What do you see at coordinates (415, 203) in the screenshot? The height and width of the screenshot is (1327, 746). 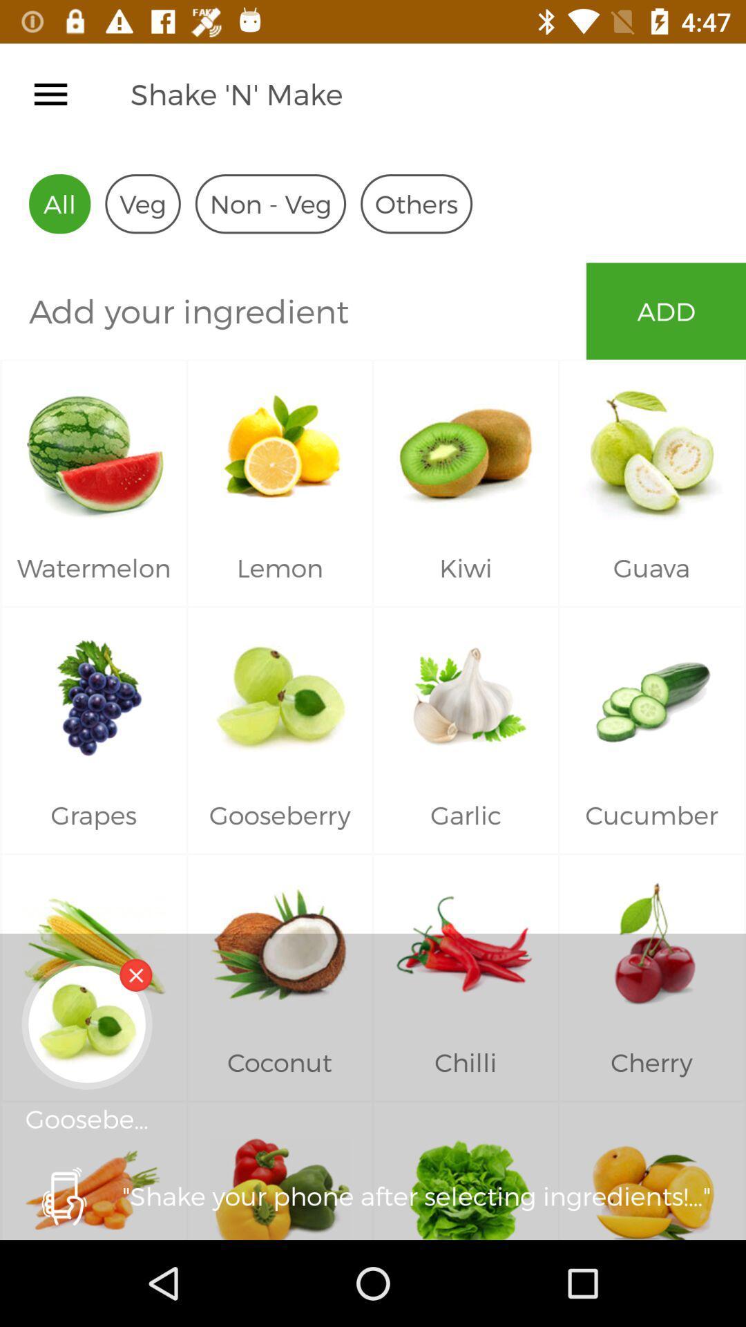 I see `others icon` at bounding box center [415, 203].